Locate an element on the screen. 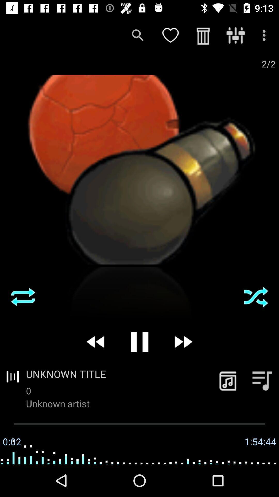 Image resolution: width=279 pixels, height=497 pixels. pause is located at coordinates (139, 342).